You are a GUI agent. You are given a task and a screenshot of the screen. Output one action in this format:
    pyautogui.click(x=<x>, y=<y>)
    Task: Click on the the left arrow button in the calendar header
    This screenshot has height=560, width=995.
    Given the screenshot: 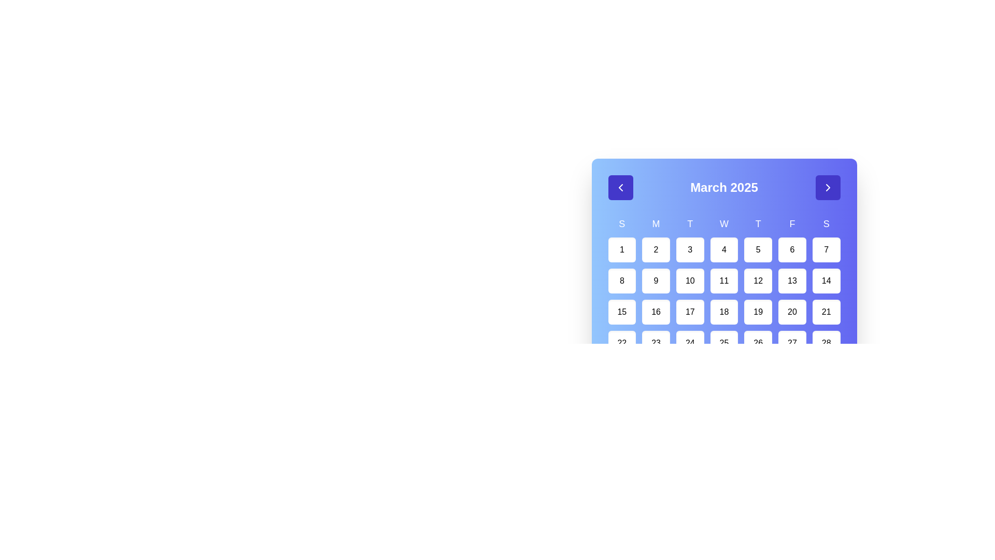 What is the action you would take?
    pyautogui.click(x=620, y=188)
    